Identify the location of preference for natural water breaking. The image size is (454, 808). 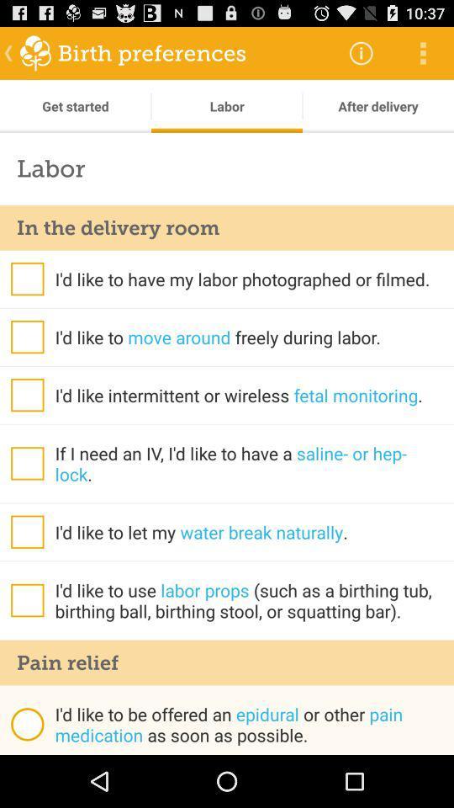
(26, 531).